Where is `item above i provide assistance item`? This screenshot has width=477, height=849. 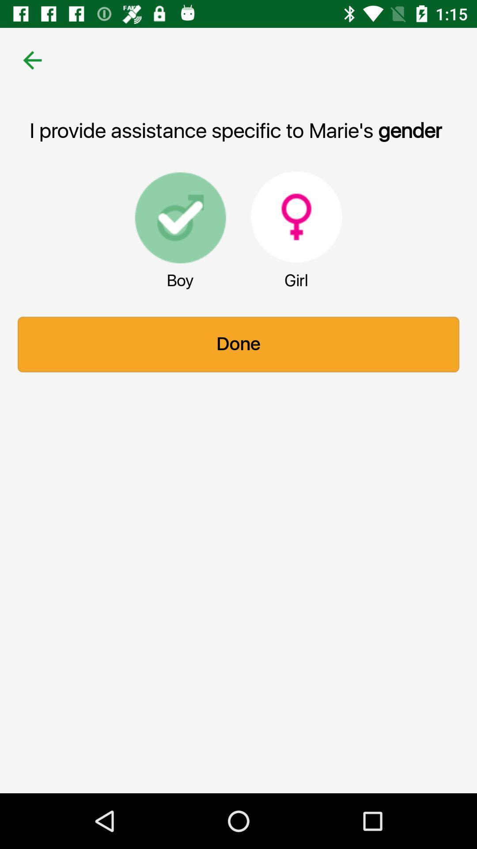
item above i provide assistance item is located at coordinates (32, 60).